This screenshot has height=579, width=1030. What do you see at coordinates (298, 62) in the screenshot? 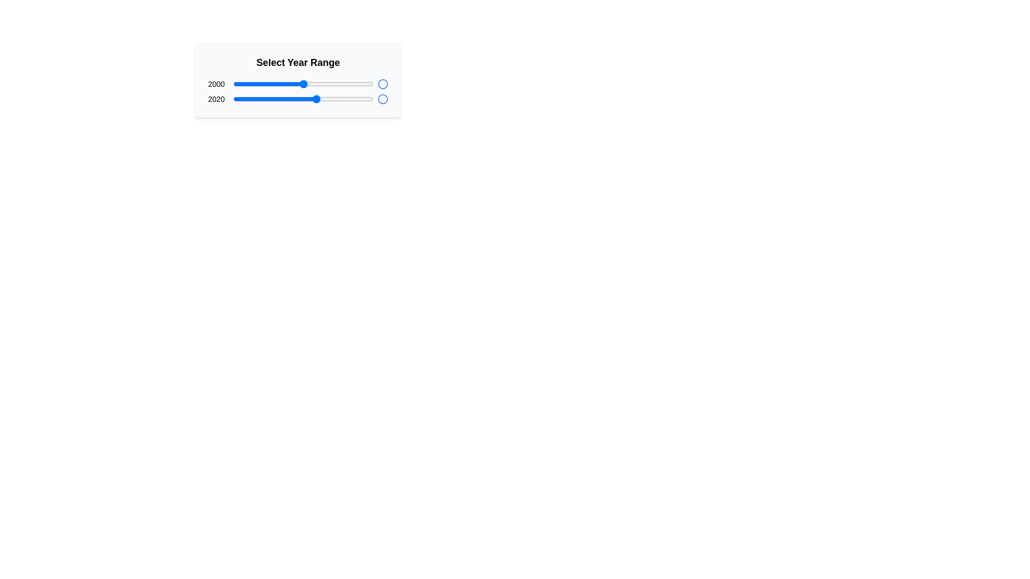
I see `the static text header that indicates the purpose of the content below, specifically for selecting a year range` at bounding box center [298, 62].